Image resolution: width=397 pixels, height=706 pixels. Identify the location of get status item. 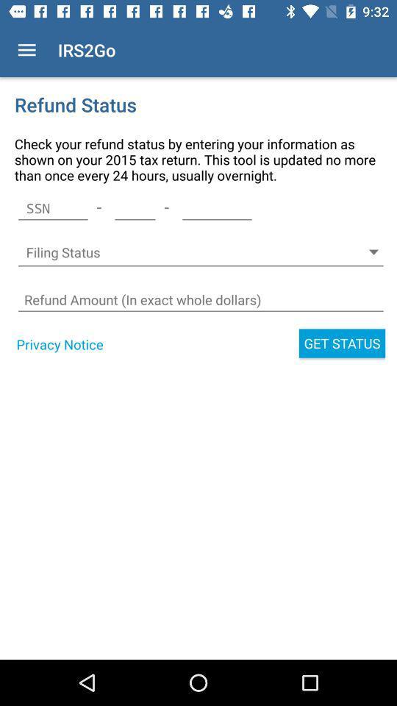
(342, 343).